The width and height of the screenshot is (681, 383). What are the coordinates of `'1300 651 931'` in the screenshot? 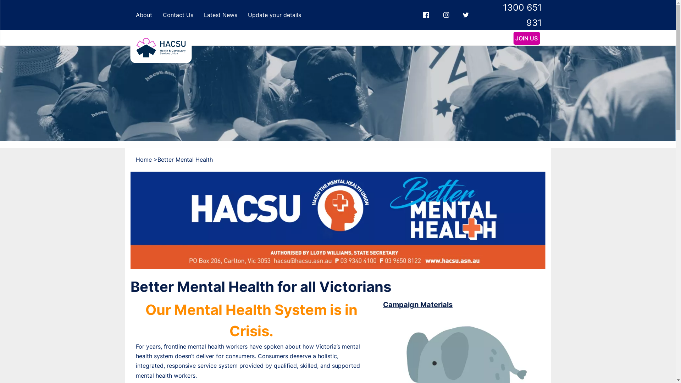 It's located at (514, 15).